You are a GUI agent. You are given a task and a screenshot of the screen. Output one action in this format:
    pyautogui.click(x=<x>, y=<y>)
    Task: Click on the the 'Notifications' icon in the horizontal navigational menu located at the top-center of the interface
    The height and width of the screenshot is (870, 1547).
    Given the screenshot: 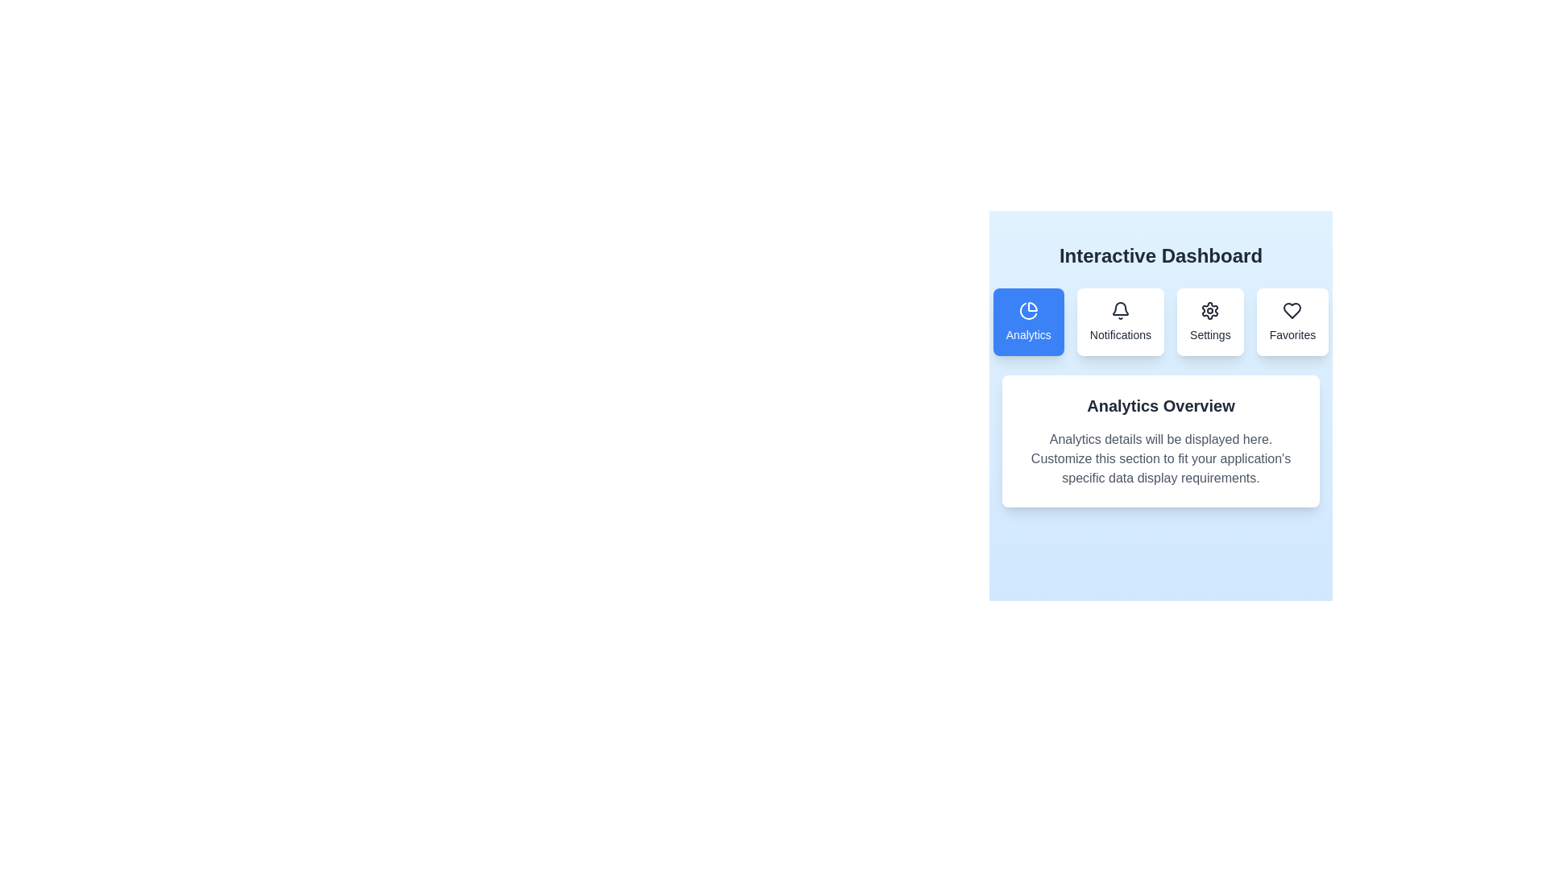 What is the action you would take?
    pyautogui.click(x=1160, y=322)
    